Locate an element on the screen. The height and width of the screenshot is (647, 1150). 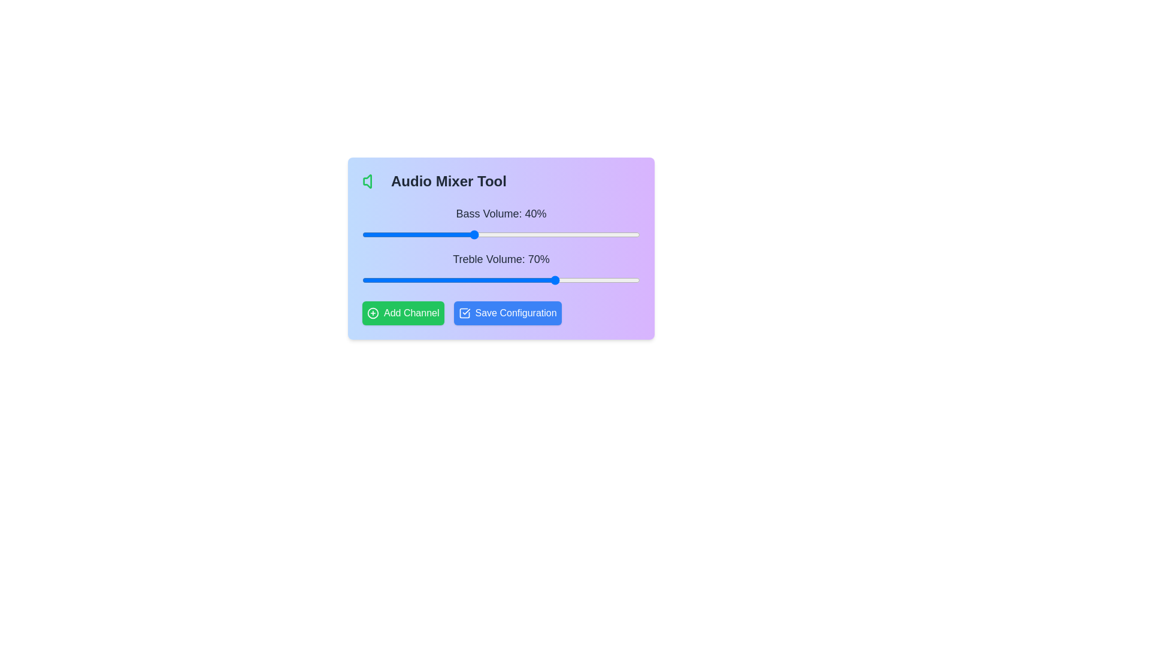
and drag the bass and treble sliders of the Audio Mixer Tool to adjust their values is located at coordinates (501, 246).